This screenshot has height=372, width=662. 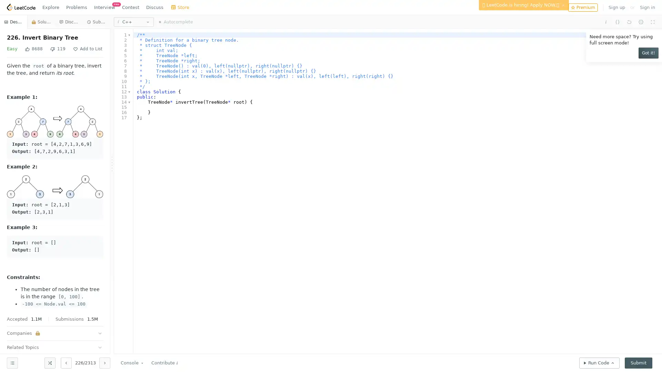 I want to click on Autocomplete, so click(x=175, y=22).